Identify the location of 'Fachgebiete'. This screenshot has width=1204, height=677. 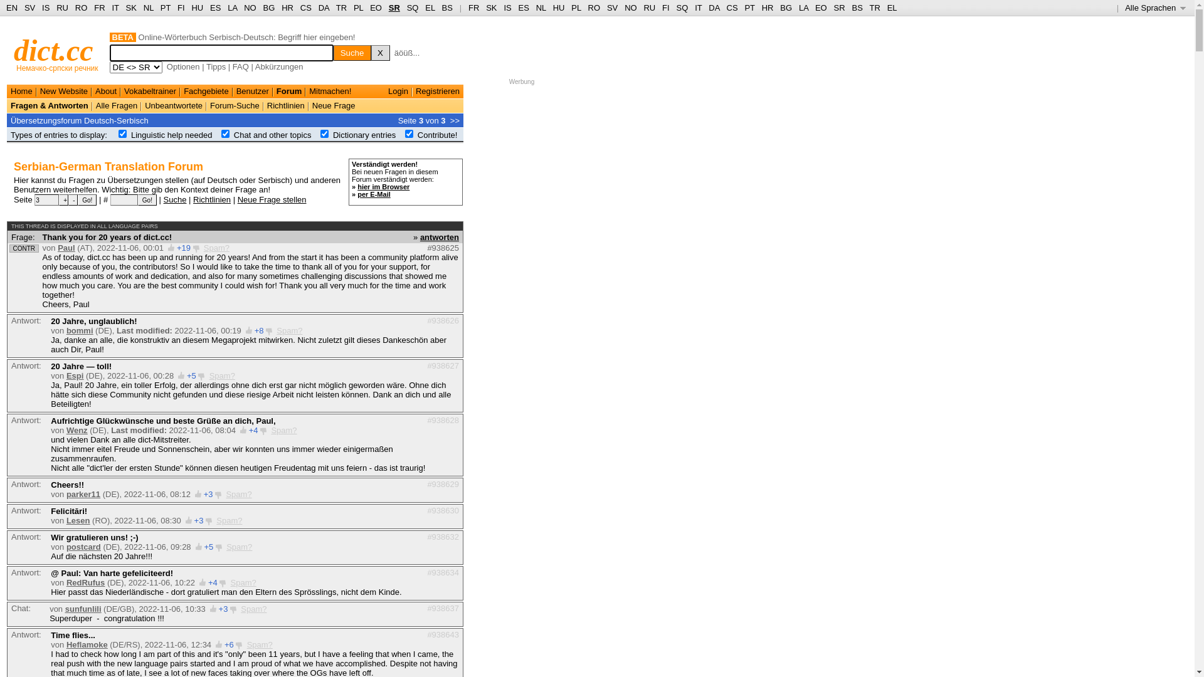
(206, 90).